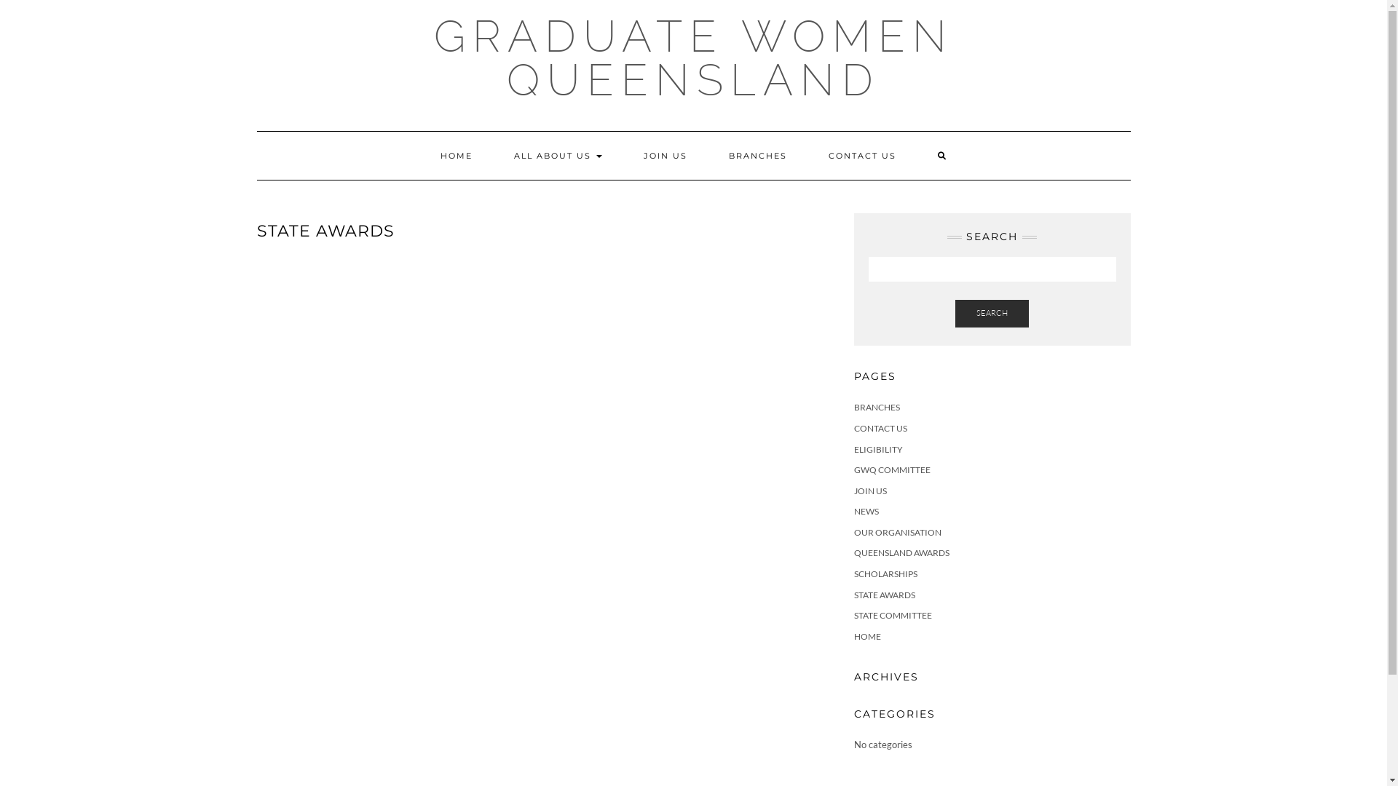 The height and width of the screenshot is (786, 1398). Describe the element at coordinates (456, 155) in the screenshot. I see `'HOME'` at that location.